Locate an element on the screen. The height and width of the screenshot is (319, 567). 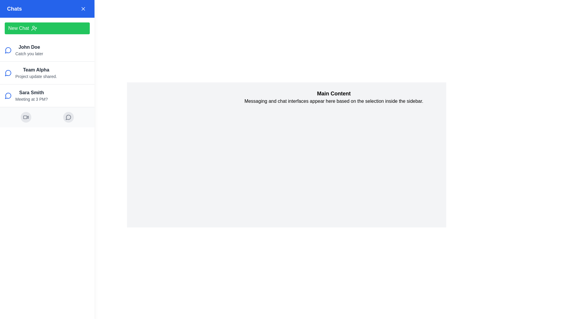
the chat icon for 'Sara Smith', which is located to the left of the text 'Sara Smith' and 'Meeting at 3 PM?' in the chat list item is located at coordinates (8, 95).